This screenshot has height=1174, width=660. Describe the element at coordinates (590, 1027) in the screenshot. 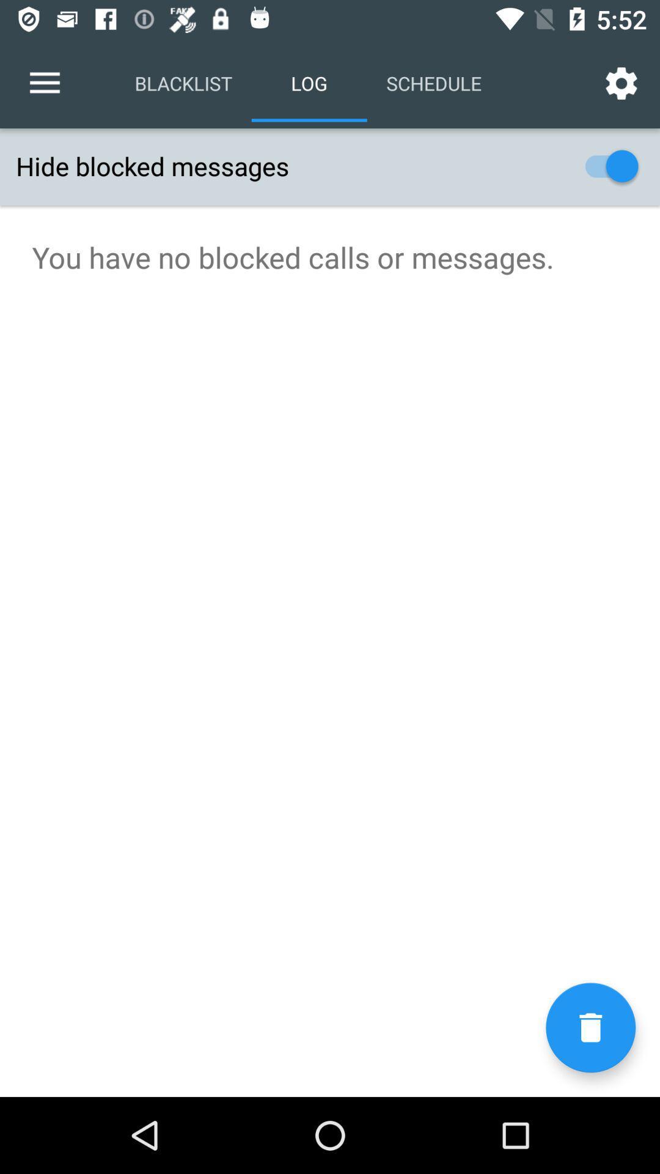

I see `item at the bottom right corner` at that location.